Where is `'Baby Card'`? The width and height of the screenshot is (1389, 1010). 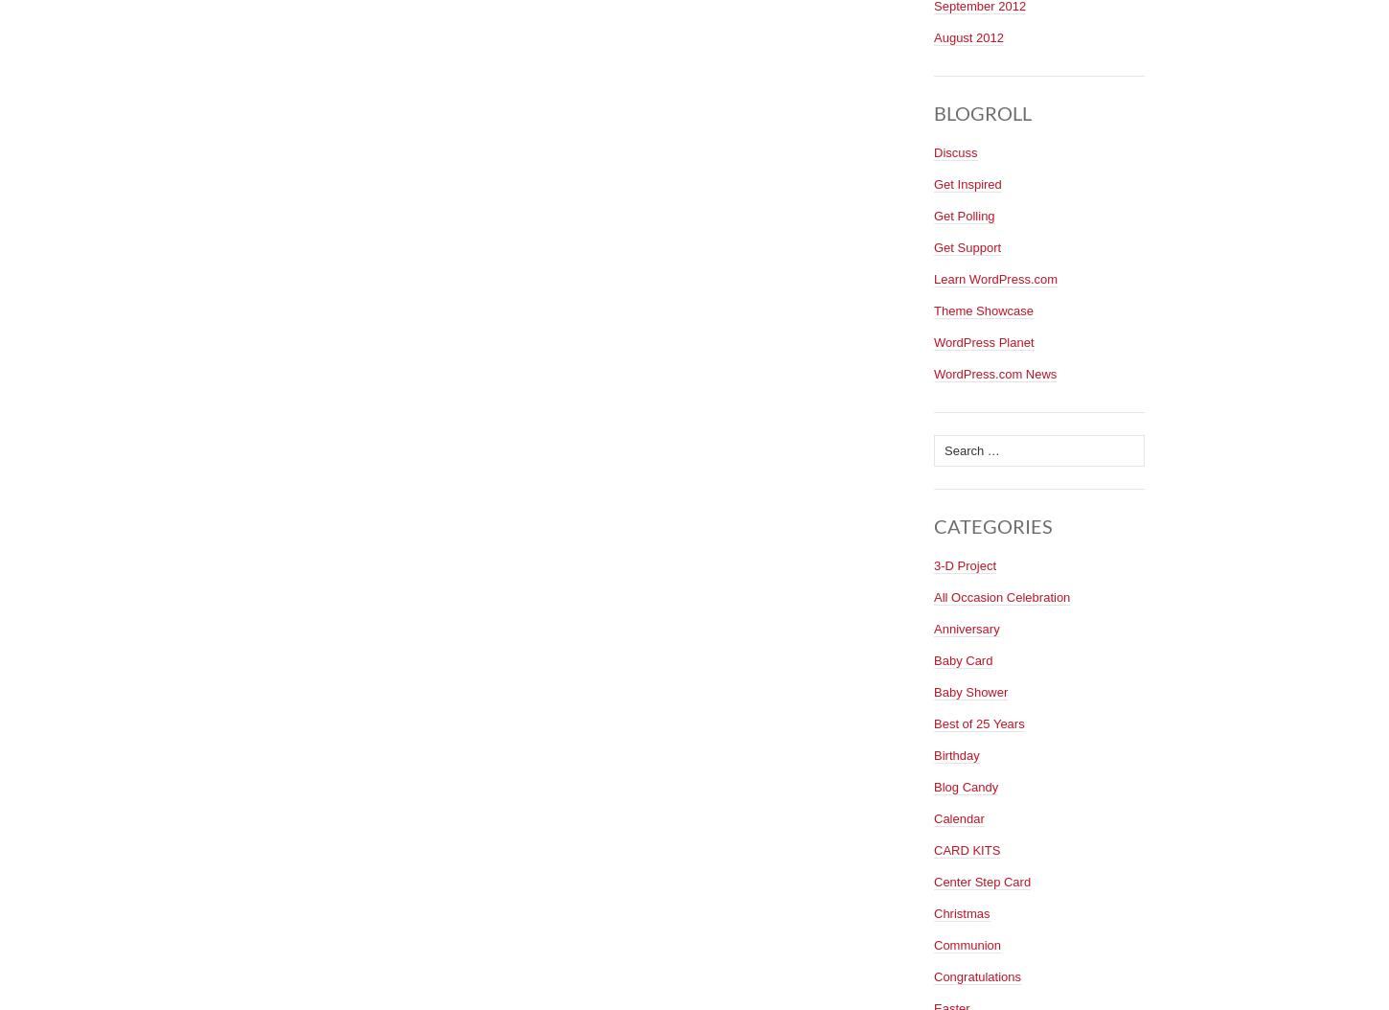 'Baby Card' is located at coordinates (963, 658).